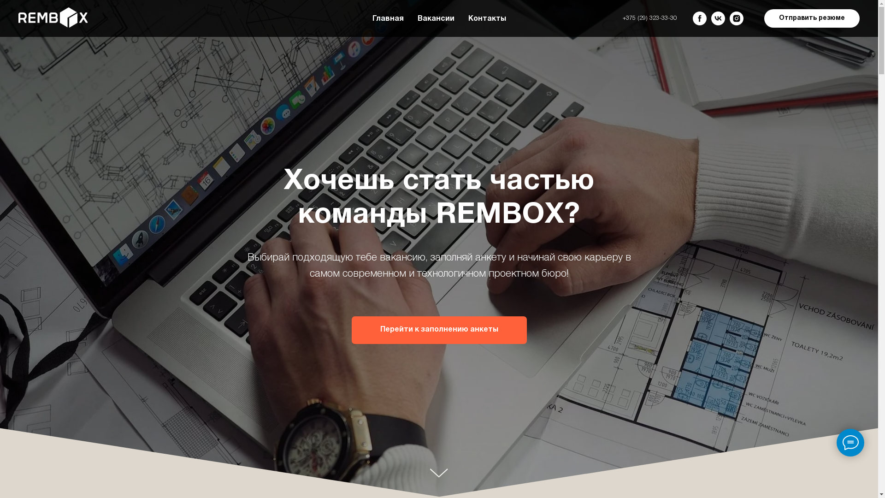 This screenshot has height=498, width=885. Describe the element at coordinates (649, 18) in the screenshot. I see `'+375 (29) 323-33-30'` at that location.